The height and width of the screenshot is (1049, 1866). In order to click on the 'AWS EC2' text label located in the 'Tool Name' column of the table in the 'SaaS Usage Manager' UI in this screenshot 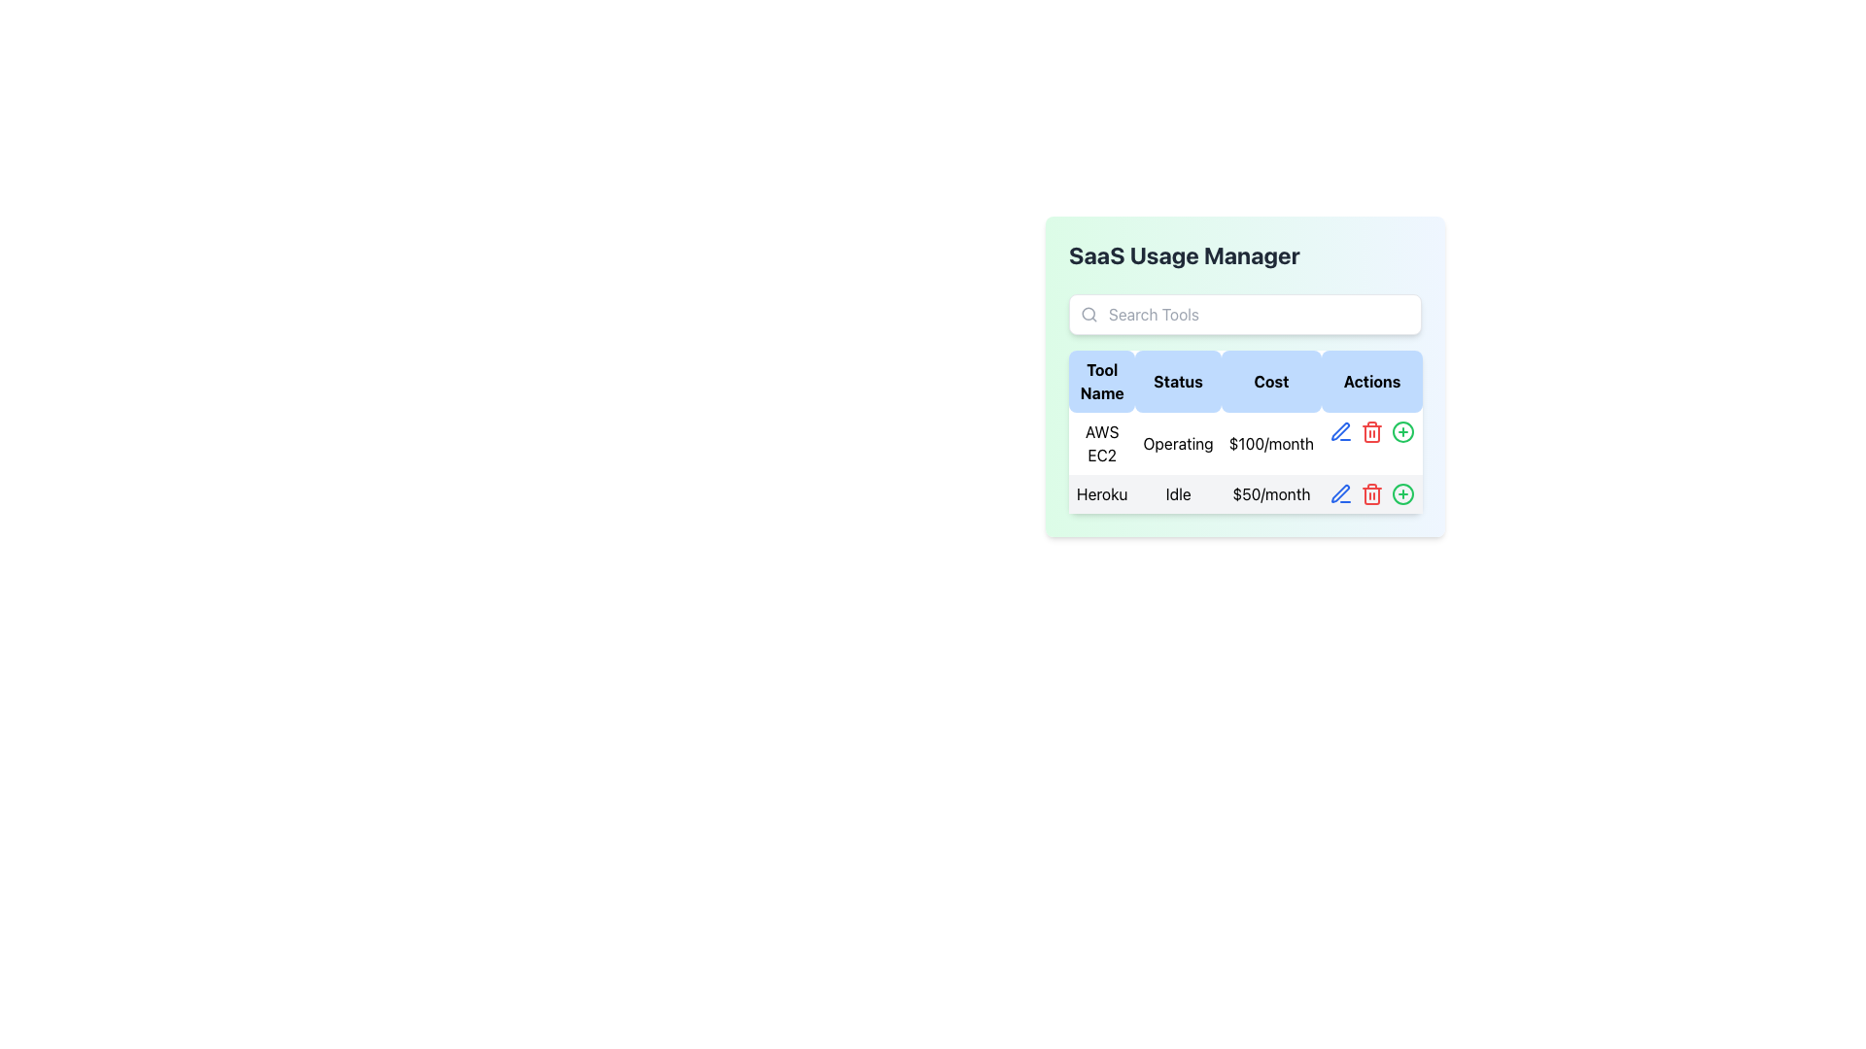, I will do `click(1102, 443)`.